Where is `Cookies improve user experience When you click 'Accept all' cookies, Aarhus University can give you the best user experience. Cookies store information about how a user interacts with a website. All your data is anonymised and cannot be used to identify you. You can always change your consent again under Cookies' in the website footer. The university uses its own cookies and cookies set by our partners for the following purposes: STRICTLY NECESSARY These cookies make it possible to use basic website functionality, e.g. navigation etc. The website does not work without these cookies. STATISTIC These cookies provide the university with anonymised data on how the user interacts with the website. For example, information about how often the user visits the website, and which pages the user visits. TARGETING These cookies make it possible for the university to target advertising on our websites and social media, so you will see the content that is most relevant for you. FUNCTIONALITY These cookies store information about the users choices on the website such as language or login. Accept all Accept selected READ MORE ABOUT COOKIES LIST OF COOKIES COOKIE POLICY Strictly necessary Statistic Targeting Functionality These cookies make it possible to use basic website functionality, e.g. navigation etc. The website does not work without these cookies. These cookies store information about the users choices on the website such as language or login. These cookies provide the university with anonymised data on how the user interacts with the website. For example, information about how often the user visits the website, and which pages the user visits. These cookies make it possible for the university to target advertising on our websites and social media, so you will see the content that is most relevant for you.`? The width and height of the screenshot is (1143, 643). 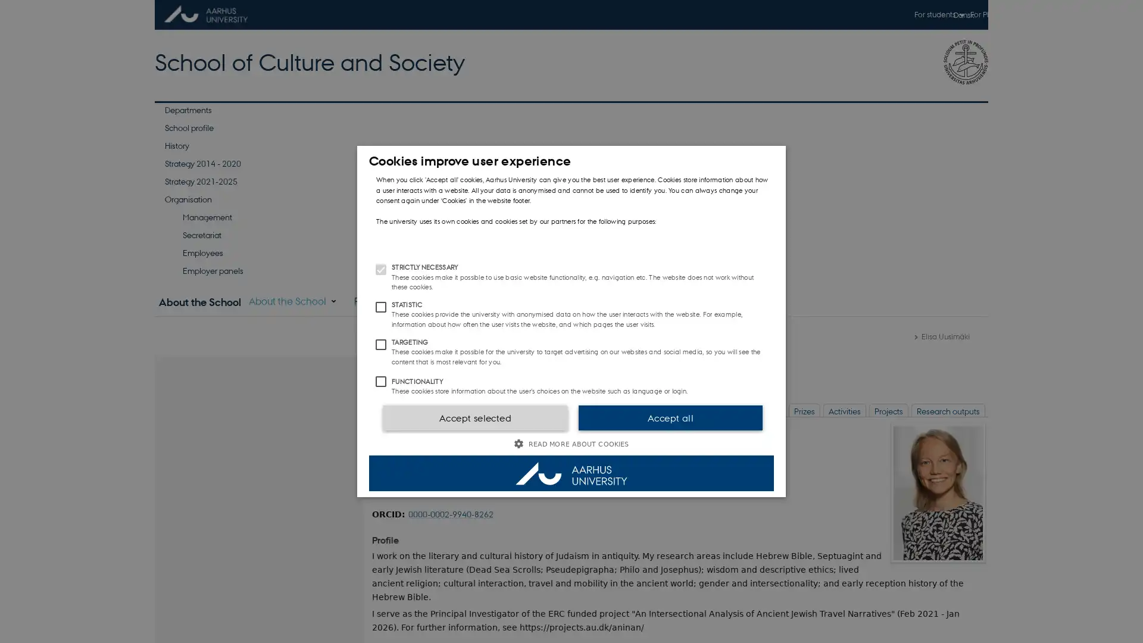
Cookies improve user experience When you click 'Accept all' cookies, Aarhus University can give you the best user experience. Cookies store information about how a user interacts with a website. All your data is anonymised and cannot be used to identify you. You can always change your consent again under Cookies' in the website footer. The university uses its own cookies and cookies set by our partners for the following purposes: STRICTLY NECESSARY These cookies make it possible to use basic website functionality, e.g. navigation etc. The website does not work without these cookies. STATISTIC These cookies provide the university with anonymised data on how the user interacts with the website. For example, information about how often the user visits the website, and which pages the user visits. TARGETING These cookies make it possible for the university to target advertising on our websites and social media, so you will see the content that is most relevant for you. FUNCTIONALITY These cookies store information about the users choices on the website such as language or login. Accept all Accept selected READ MORE ABOUT COOKIES LIST OF COOKIES COOKIE POLICY Strictly necessary Statistic Targeting Functionality These cookies make it possible to use basic website functionality, e.g. navigation etc. The website does not work without these cookies. These cookies store information about the users choices on the website such as language or login. These cookies provide the university with anonymised data on how the user interacts with the website. For example, information about how often the user visits the website, and which pages the user visits. These cookies make it possible for the university to target advertising on our websites and social media, so you will see the content that is most relevant for you. is located at coordinates (571, 321).